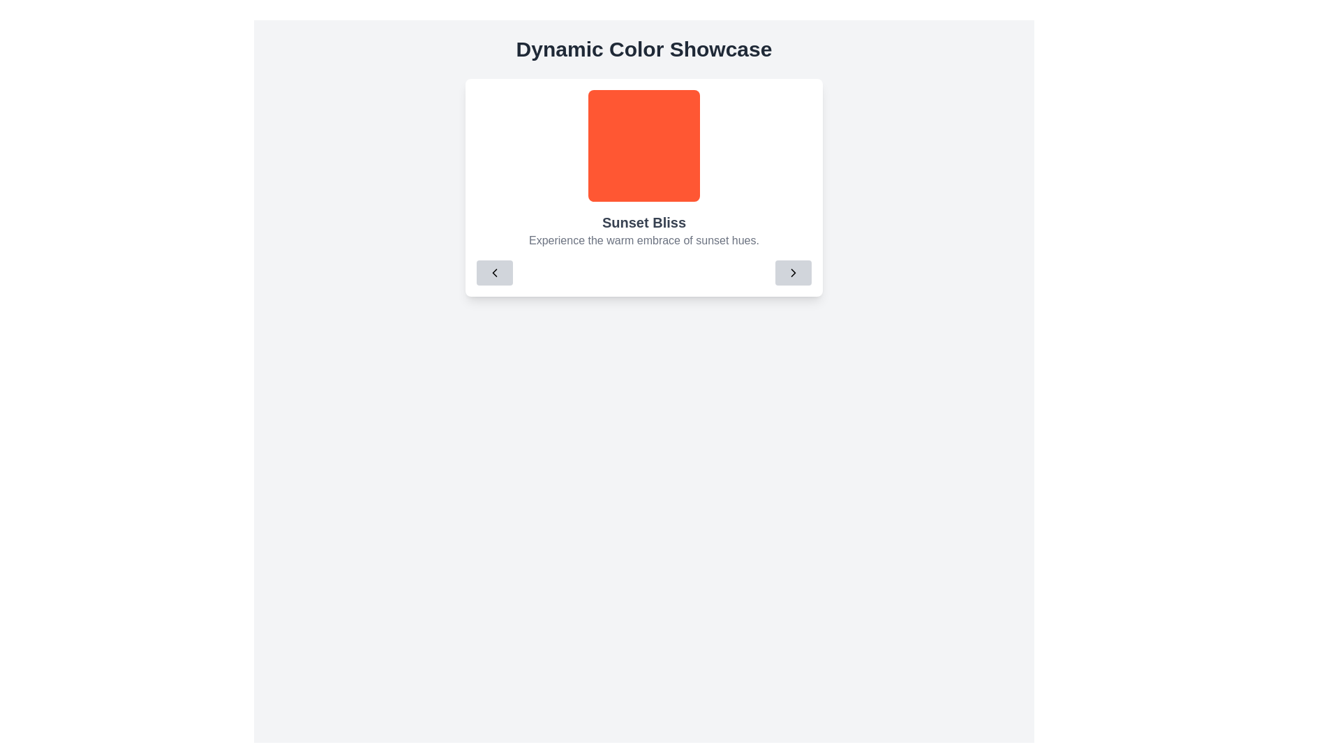 The image size is (1340, 754). I want to click on the rightward-pointing chevron arrow icon located in the lower-right corner of the 'Sunset Bliss' card-like panel, so click(794, 272).